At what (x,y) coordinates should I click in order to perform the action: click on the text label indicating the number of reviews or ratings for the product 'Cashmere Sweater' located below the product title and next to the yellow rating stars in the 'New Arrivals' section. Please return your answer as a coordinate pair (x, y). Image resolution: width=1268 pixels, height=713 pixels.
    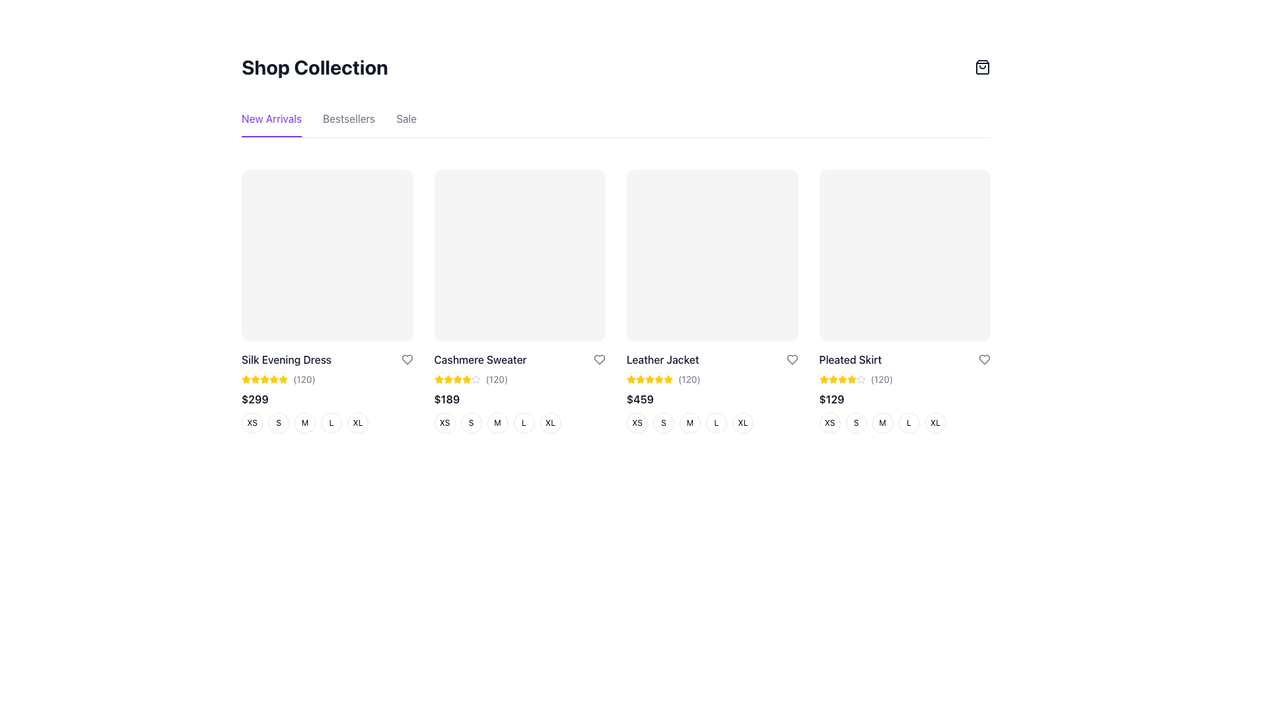
    Looking at the image, I should click on (496, 379).